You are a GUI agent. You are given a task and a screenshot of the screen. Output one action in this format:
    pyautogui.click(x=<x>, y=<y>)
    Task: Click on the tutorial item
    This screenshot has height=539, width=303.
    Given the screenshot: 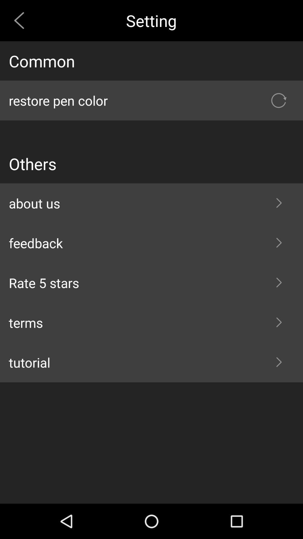 What is the action you would take?
    pyautogui.click(x=151, y=362)
    